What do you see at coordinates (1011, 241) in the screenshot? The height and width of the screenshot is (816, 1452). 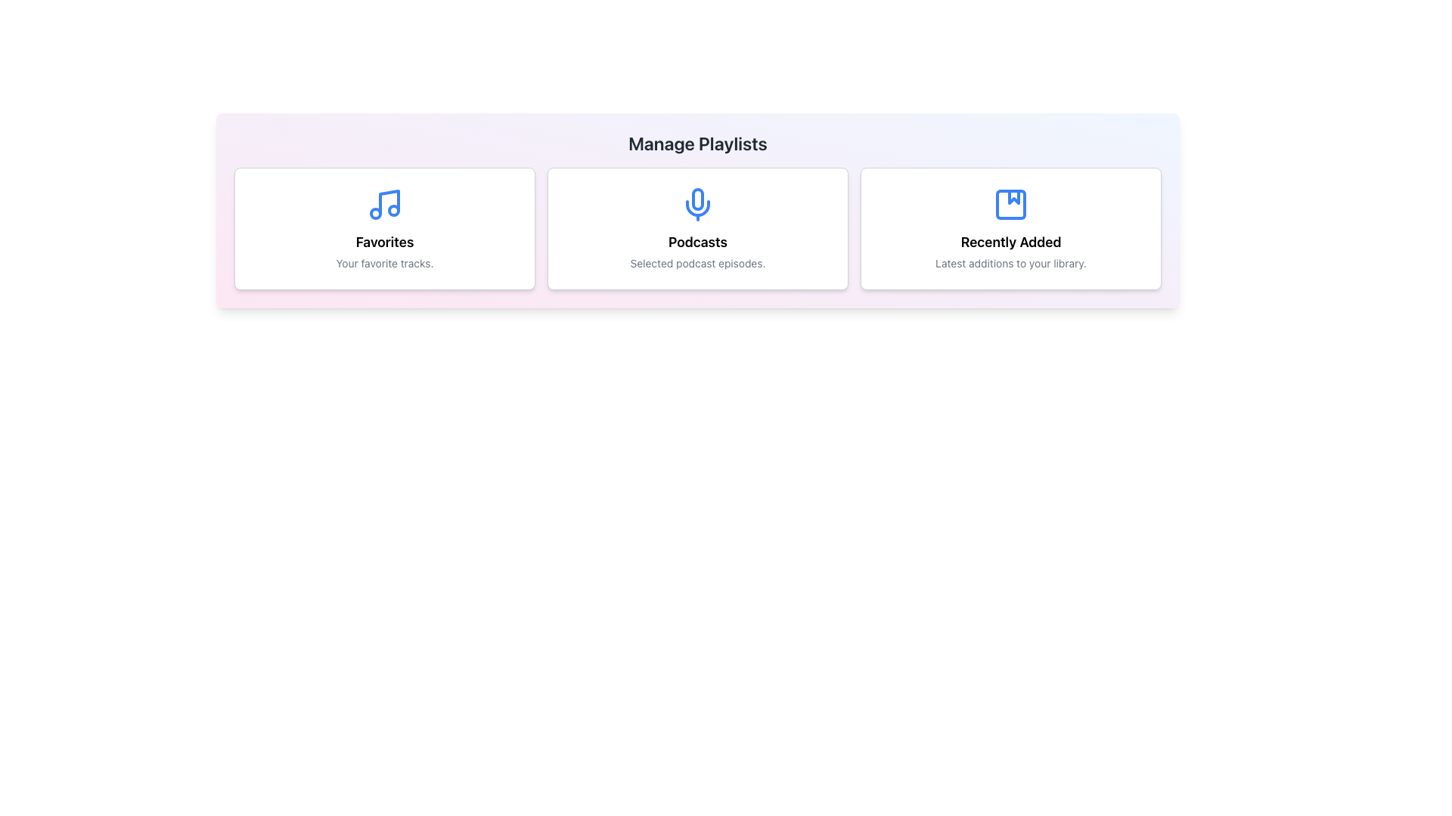 I see `the 'Recently Added' static text element, which serves as a title or label indicating the purpose of the card, positioned centrally within the card on the right-hand side of a three-card layout` at bounding box center [1011, 241].